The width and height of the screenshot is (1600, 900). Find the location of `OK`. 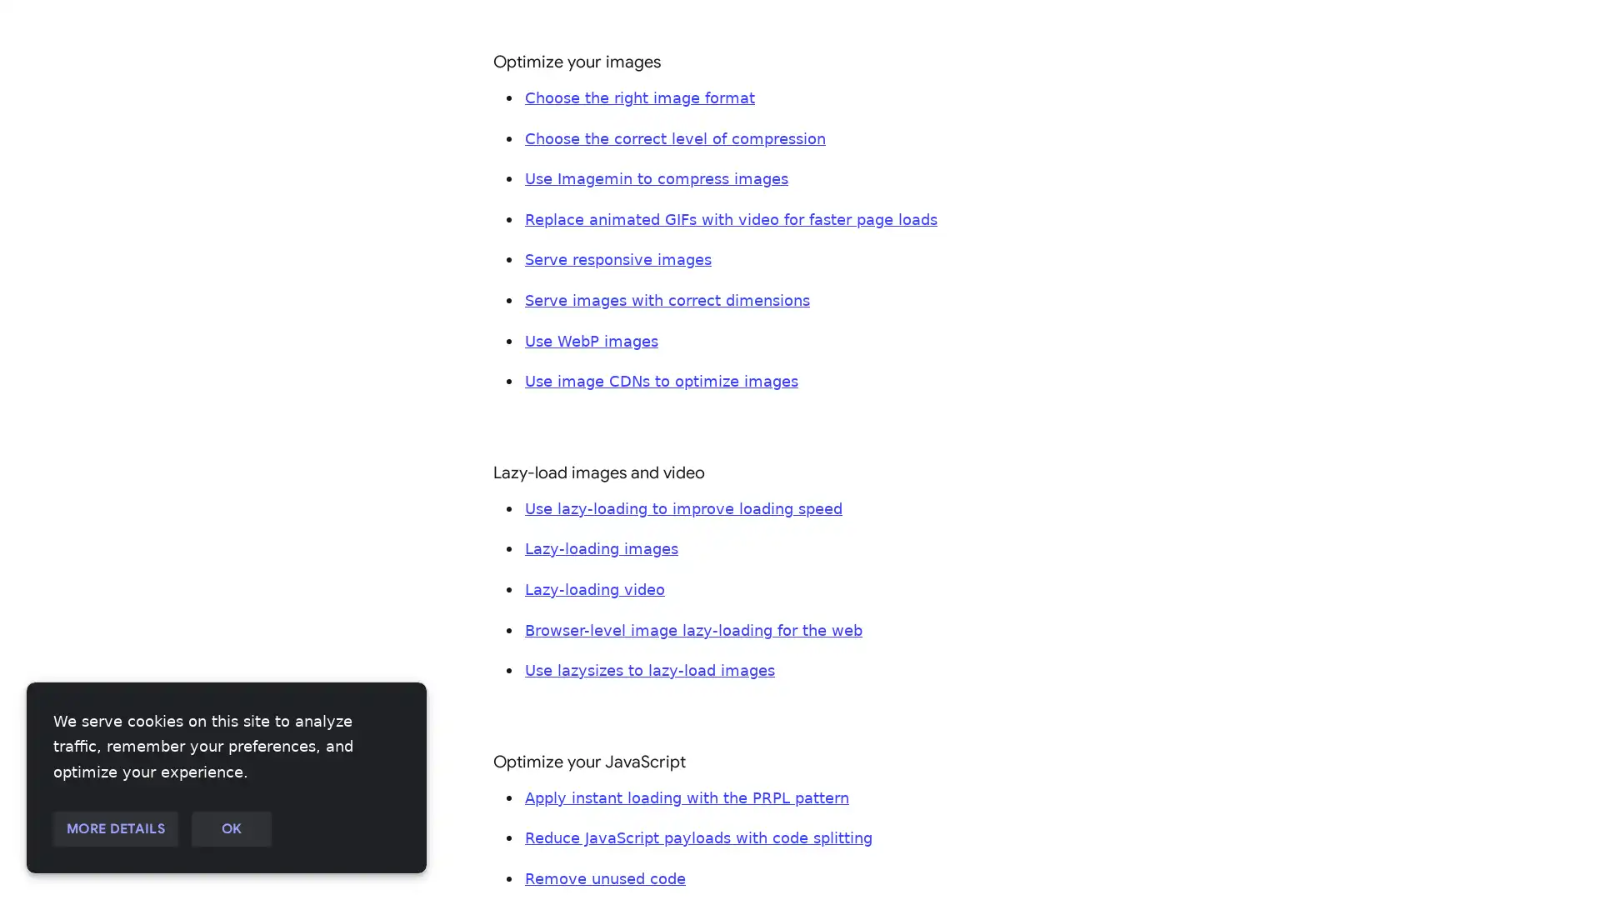

OK is located at coordinates (230, 829).